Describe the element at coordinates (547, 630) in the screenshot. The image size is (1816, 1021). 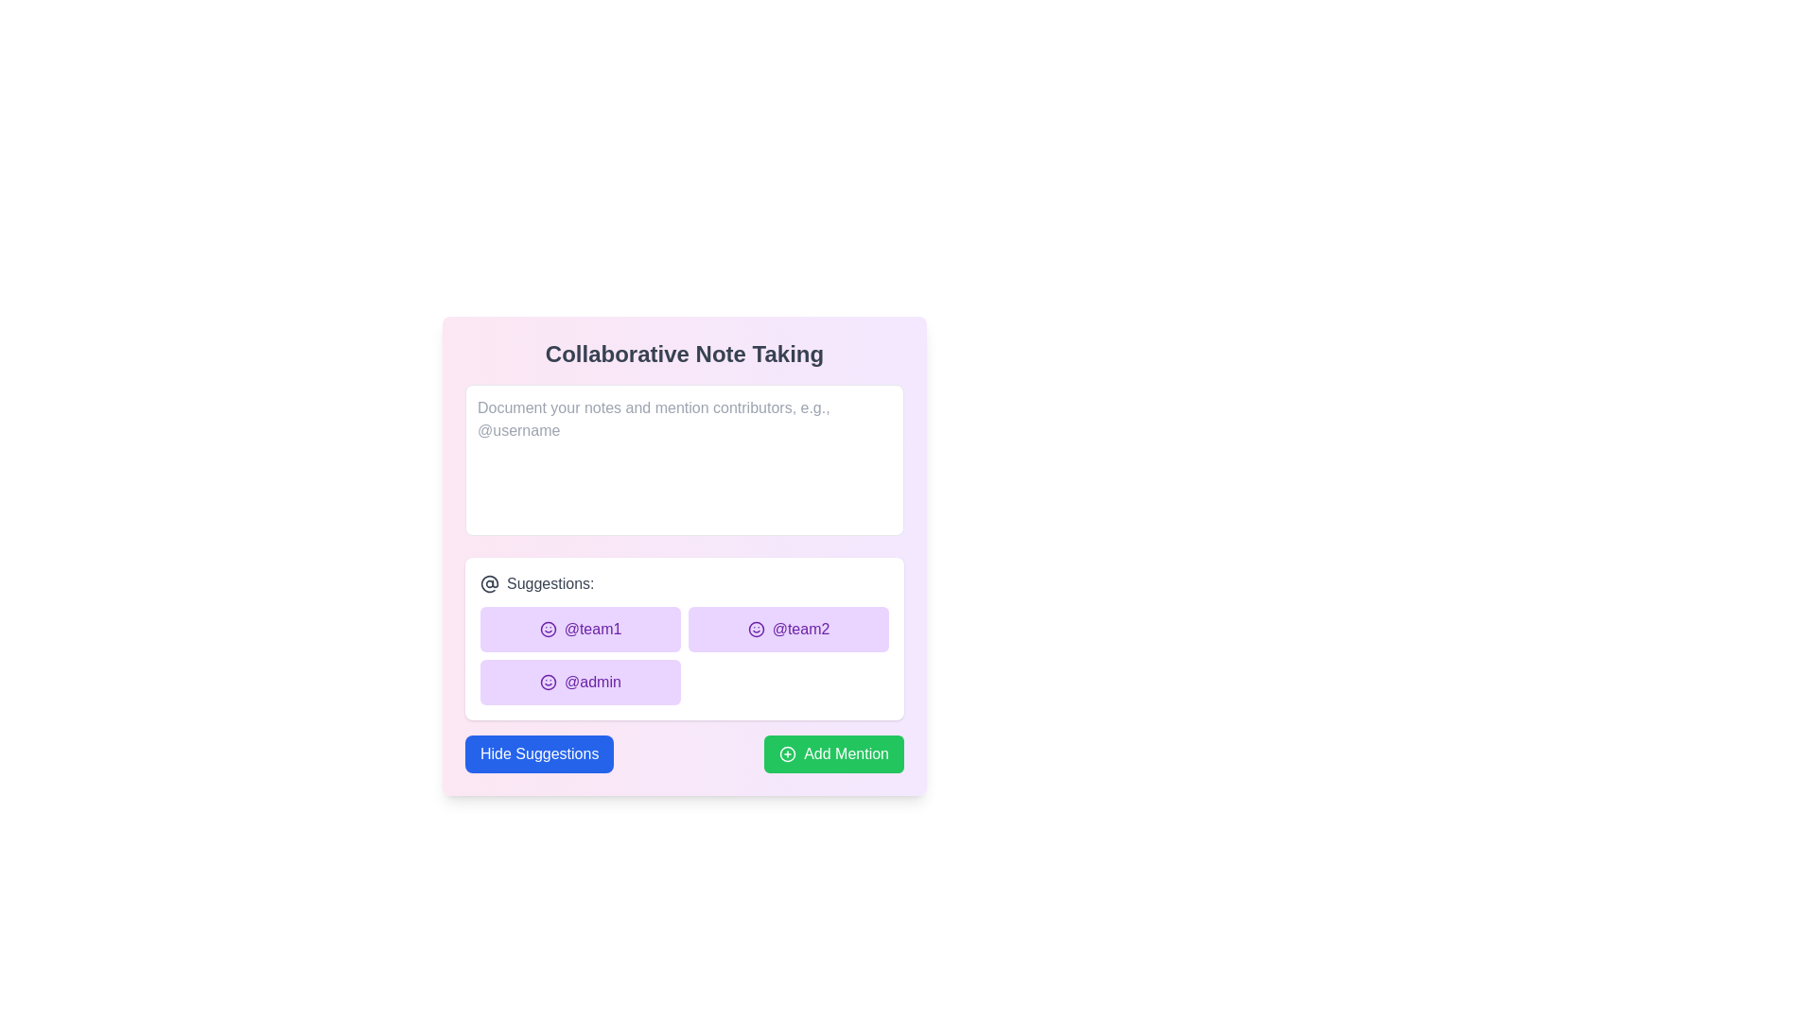
I see `the central circle component of the smiley icon located in the suggestions area beneath the text input field, to the left of mention buttons` at that location.